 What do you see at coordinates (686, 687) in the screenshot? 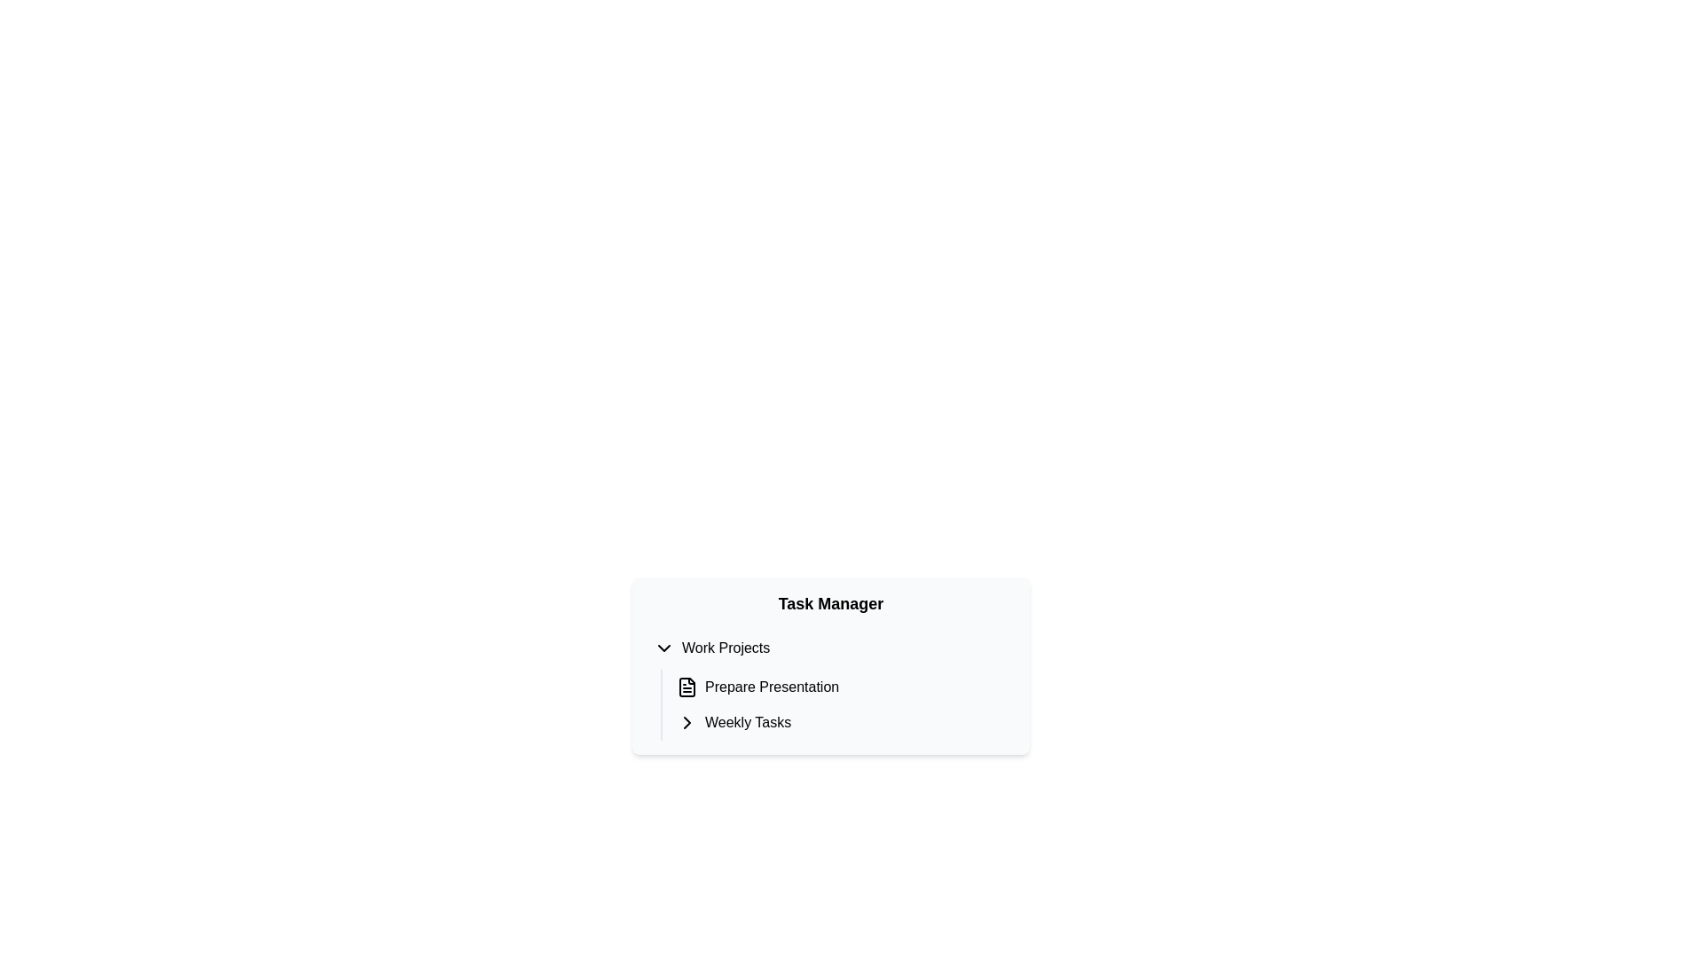
I see `the small rectangular document icon located in the 'Work Projects' section, positioned to the left of the label 'Prepare Presentation' for accessibility navigation` at bounding box center [686, 687].